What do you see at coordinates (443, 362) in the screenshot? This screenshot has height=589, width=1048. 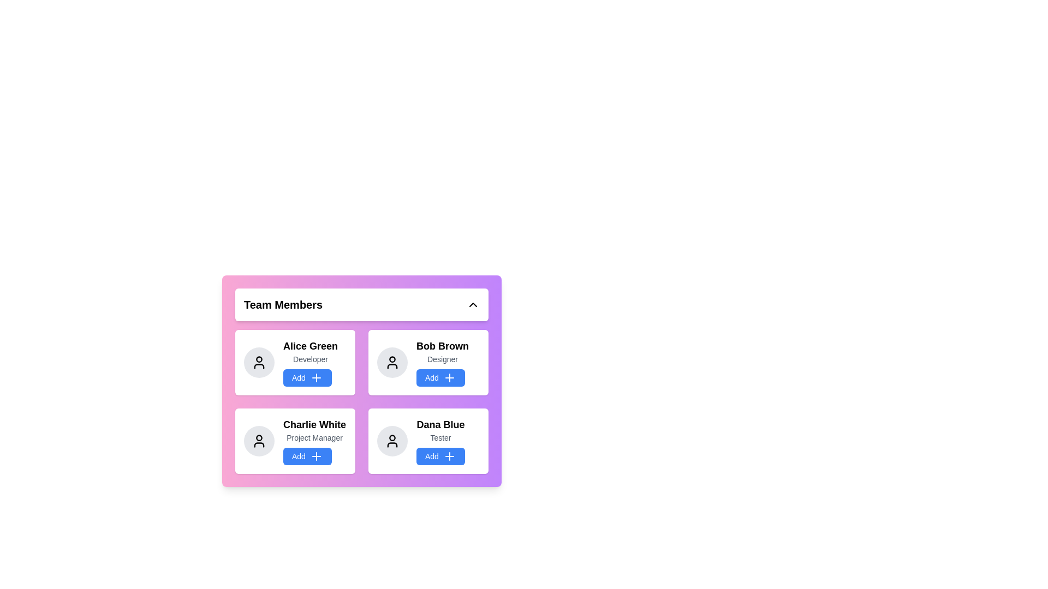 I see `the 'Add' button on the card containing 'Bob Brown', which is located at the top-right of the grid layout` at bounding box center [443, 362].